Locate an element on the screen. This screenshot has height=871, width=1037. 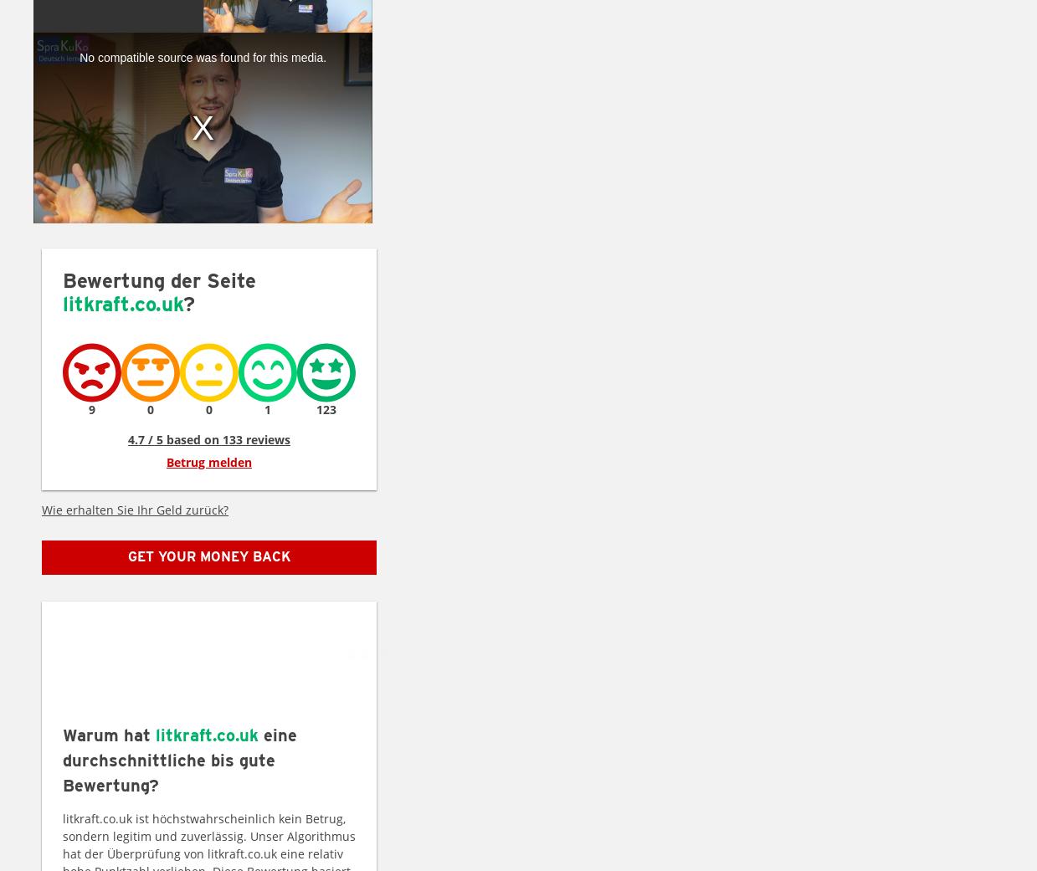
'9' is located at coordinates (89, 408).